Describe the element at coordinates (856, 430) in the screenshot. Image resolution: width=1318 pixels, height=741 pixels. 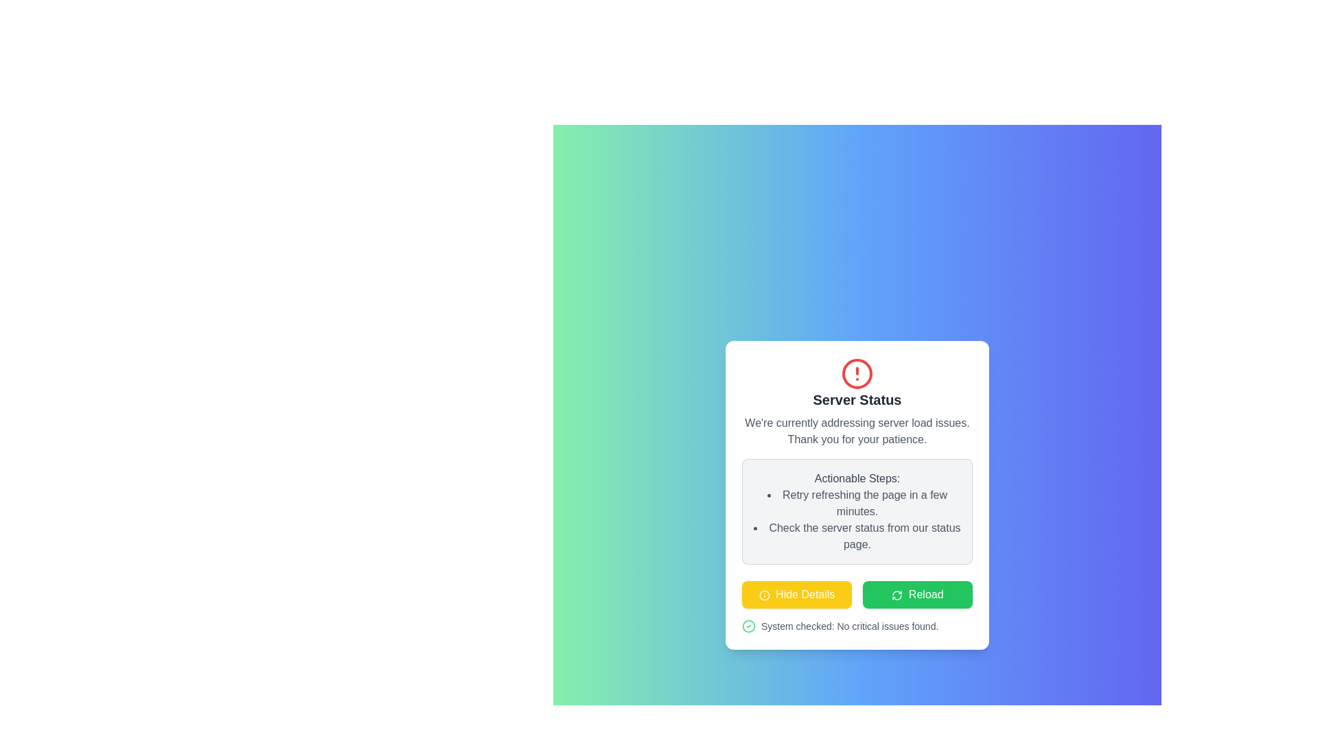
I see `text in the Text Block that states, 'We're currently addressing server load issues. Thank you for your patience.' to understand the server status` at that location.